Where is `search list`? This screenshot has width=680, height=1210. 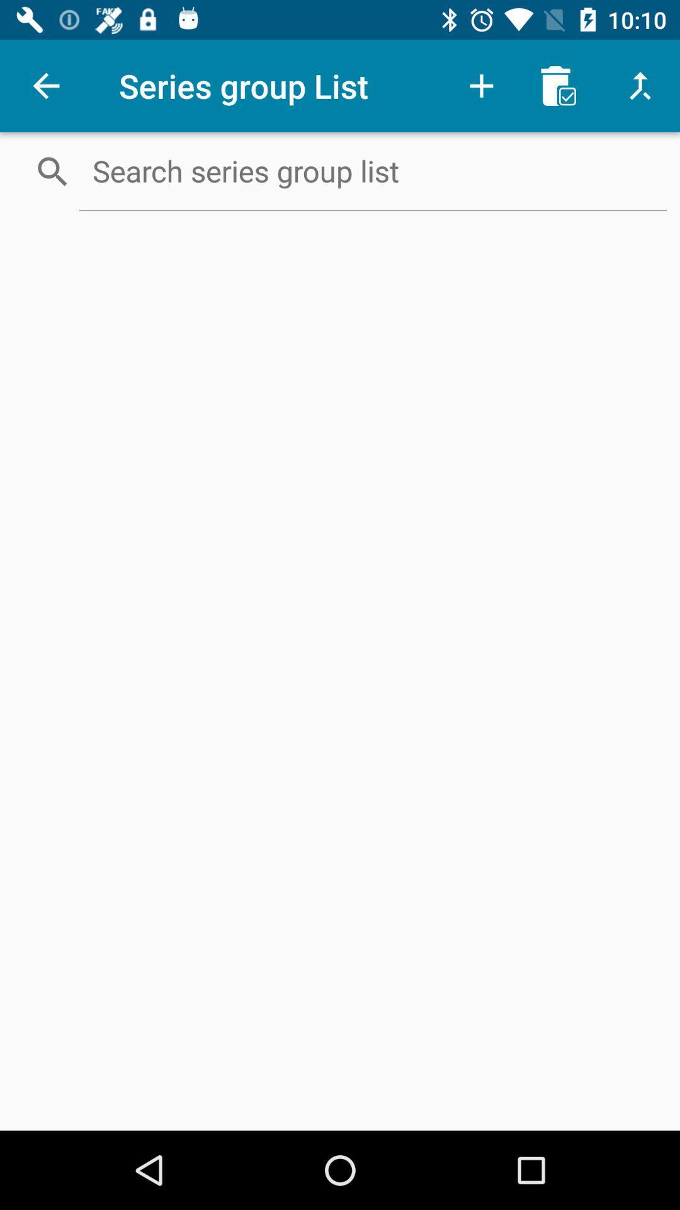
search list is located at coordinates (372, 170).